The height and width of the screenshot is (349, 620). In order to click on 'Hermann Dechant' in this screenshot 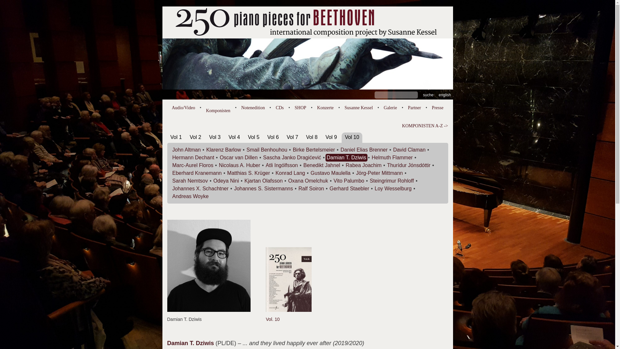, I will do `click(193, 157)`.